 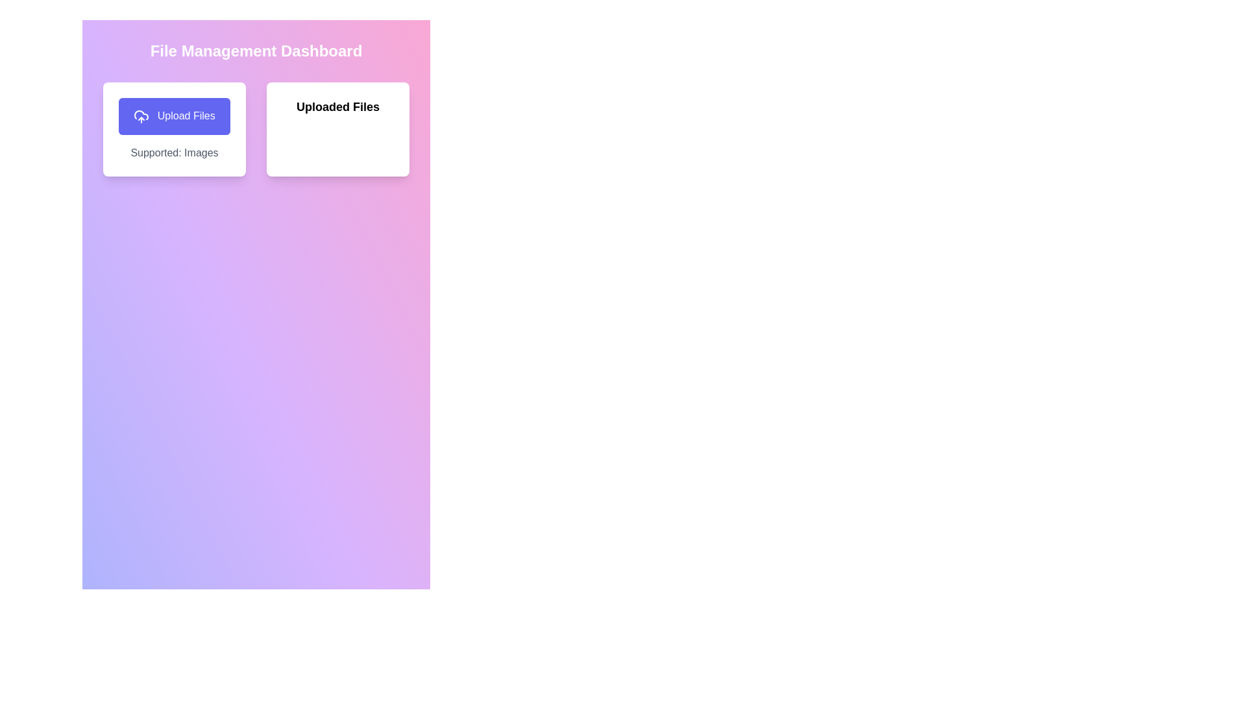 What do you see at coordinates (338, 106) in the screenshot?
I see `the header text label that serves as the title for the section displaying uploaded files, positioned at the top of the right card in the interface` at bounding box center [338, 106].